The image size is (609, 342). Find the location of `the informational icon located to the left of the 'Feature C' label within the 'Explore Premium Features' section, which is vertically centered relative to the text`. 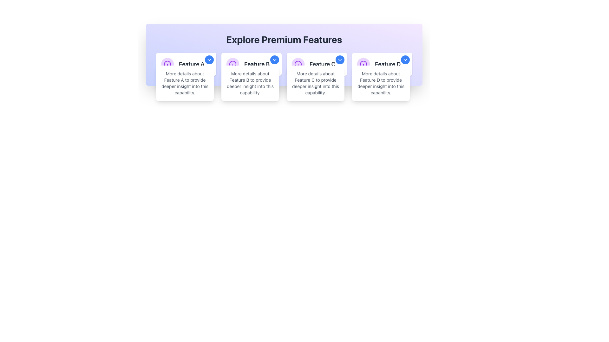

the informational icon located to the left of the 'Feature C' label within the 'Explore Premium Features' section, which is vertically centered relative to the text is located at coordinates (298, 64).